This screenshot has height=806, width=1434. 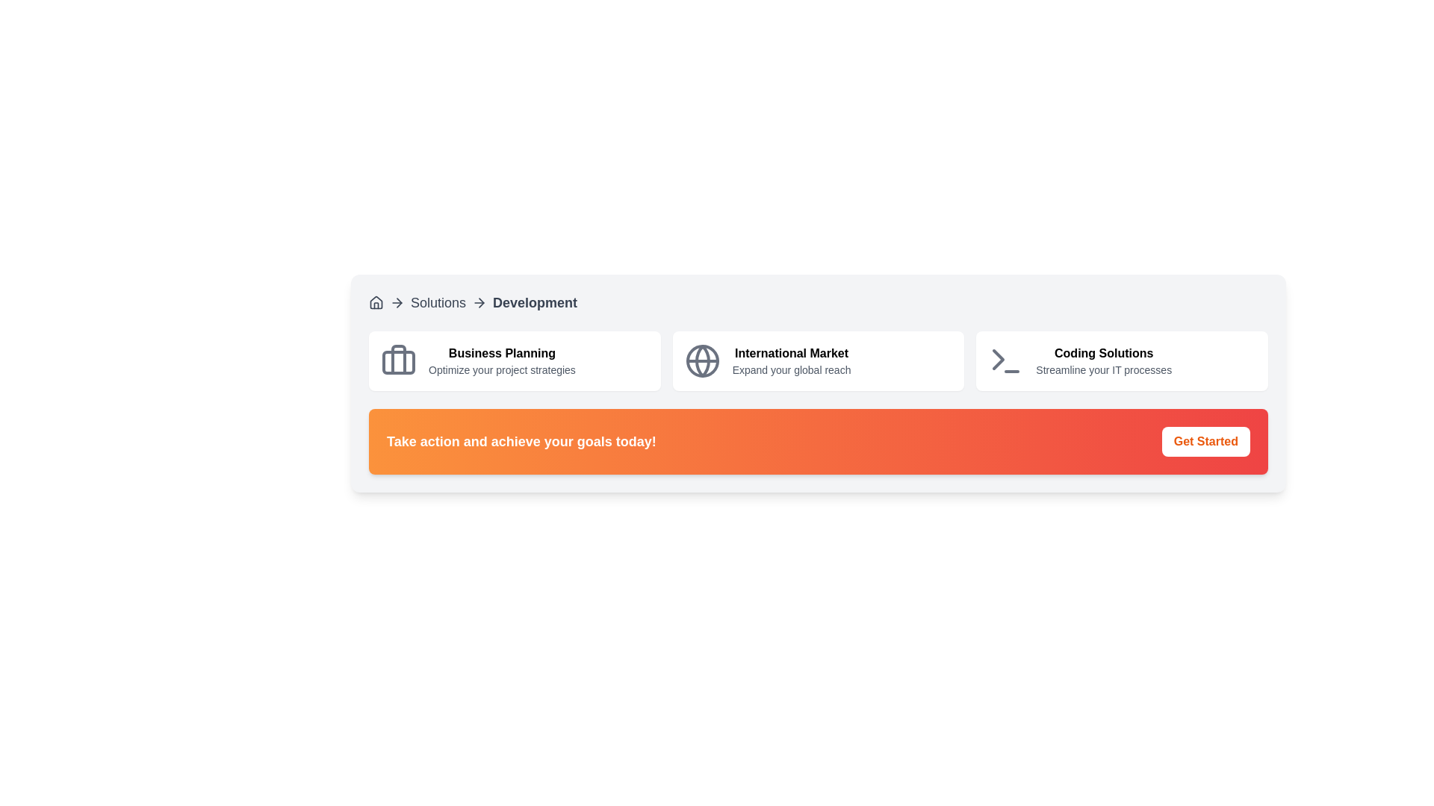 I want to click on information displayed on the Card component titled 'International Market', which includes a globe icon and two lines of text: 'International Market' in bold and 'Expand your global reach' in smaller gray text, so click(x=817, y=360).